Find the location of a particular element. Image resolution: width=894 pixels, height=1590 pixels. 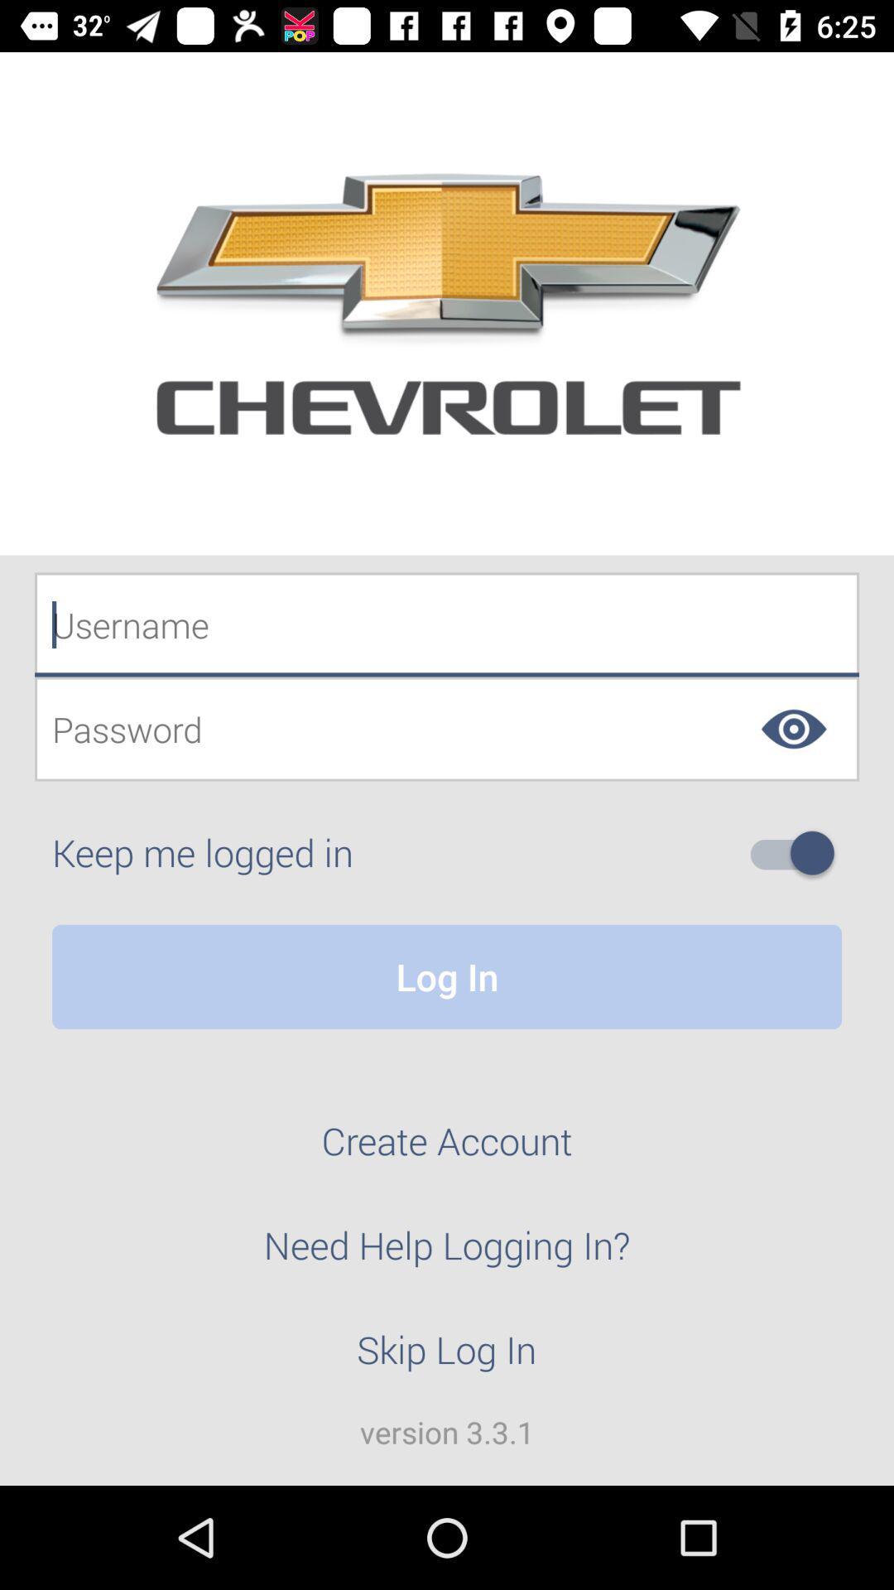

create account is located at coordinates (447, 1149).